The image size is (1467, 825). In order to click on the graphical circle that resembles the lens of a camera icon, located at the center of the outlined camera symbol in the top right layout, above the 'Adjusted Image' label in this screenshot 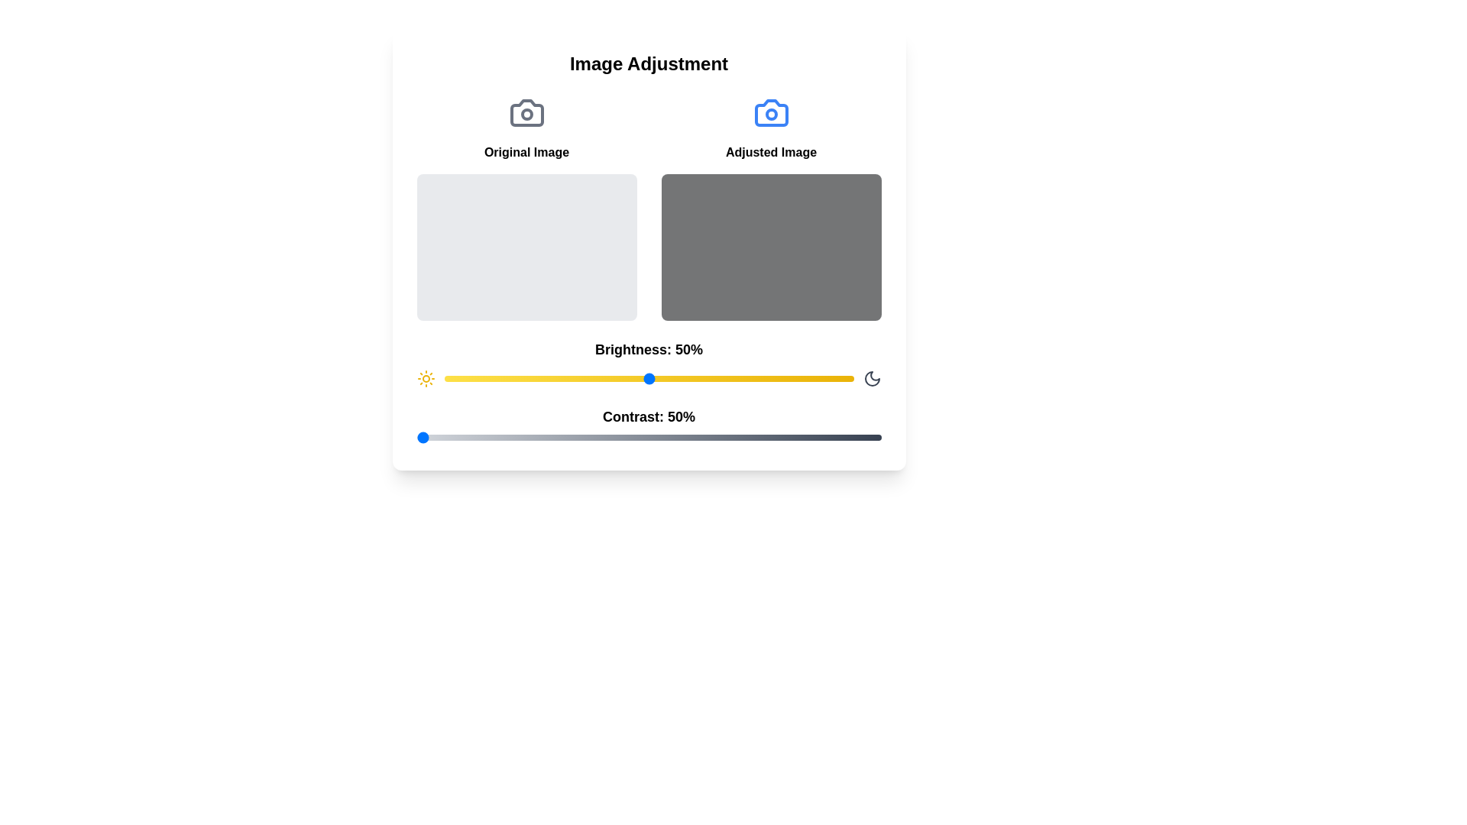, I will do `click(771, 114)`.